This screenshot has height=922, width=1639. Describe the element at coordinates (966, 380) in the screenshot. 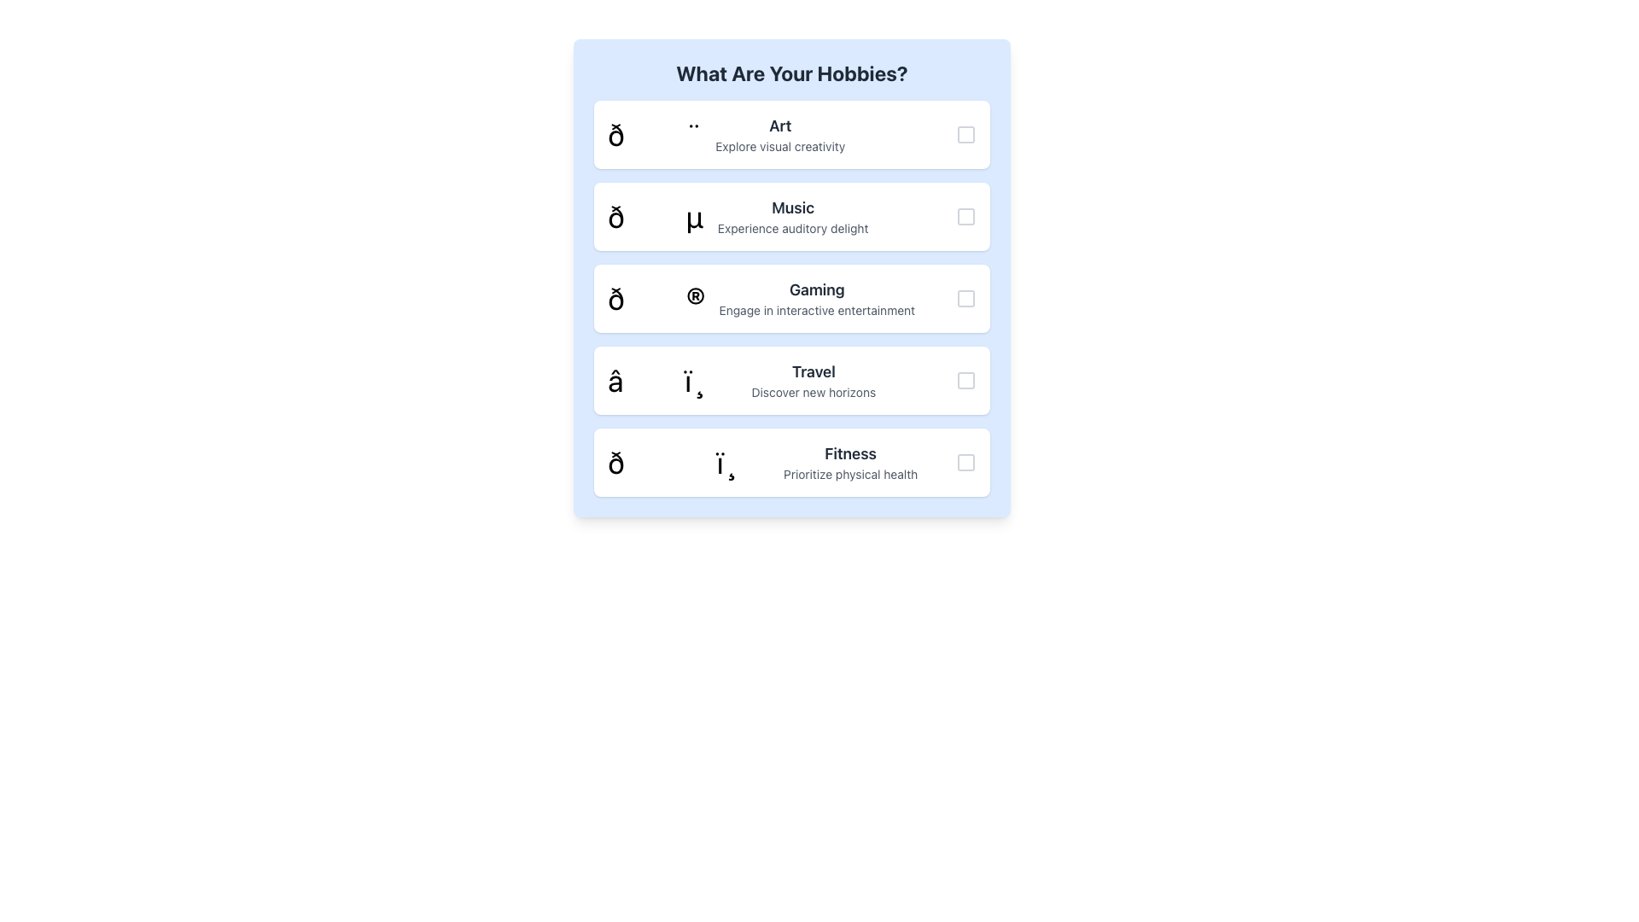

I see `the checkbox in the top-right corner of the 'Travel' card` at that location.